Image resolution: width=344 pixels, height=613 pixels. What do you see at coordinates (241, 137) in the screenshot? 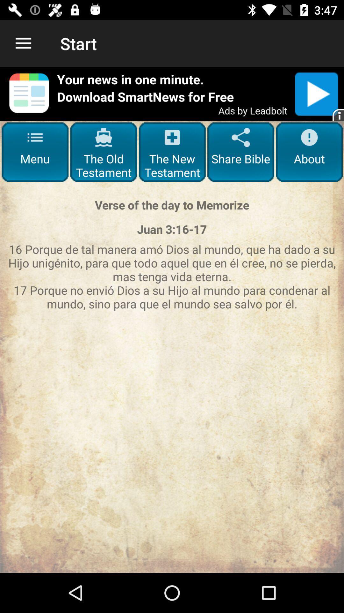
I see `the icon which is above the share bible` at bounding box center [241, 137].